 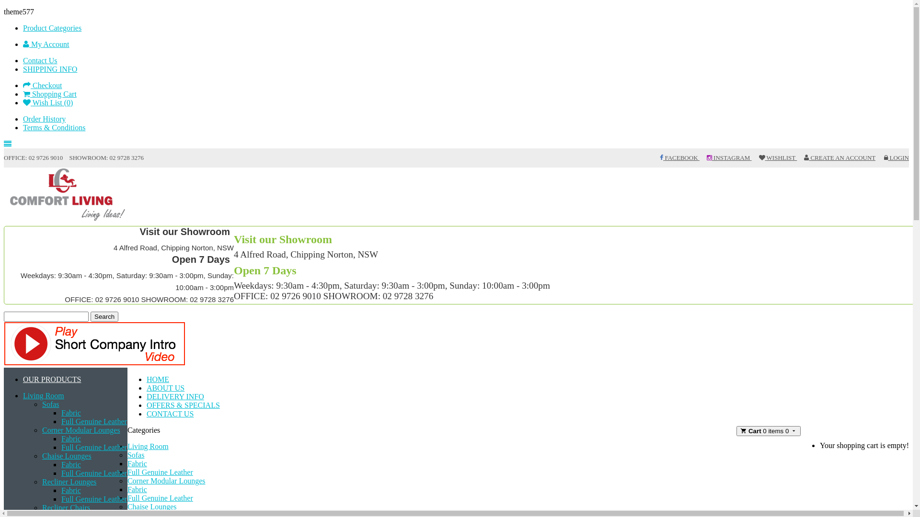 I want to click on 'Living Room', so click(x=43, y=395).